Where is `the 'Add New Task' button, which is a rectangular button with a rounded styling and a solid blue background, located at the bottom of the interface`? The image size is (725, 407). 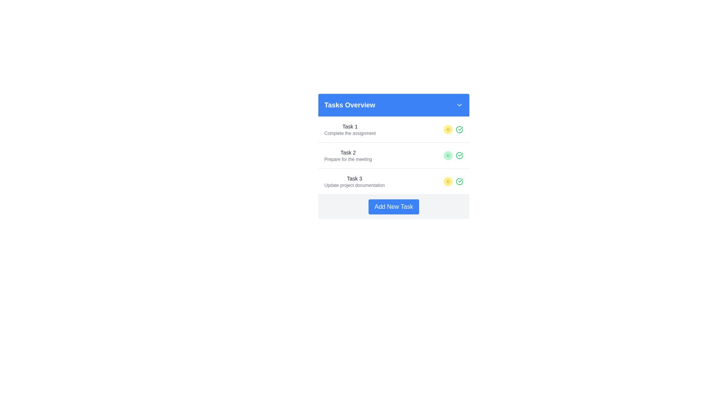
the 'Add New Task' button, which is a rectangular button with a rounded styling and a solid blue background, located at the bottom of the interface is located at coordinates (393, 207).